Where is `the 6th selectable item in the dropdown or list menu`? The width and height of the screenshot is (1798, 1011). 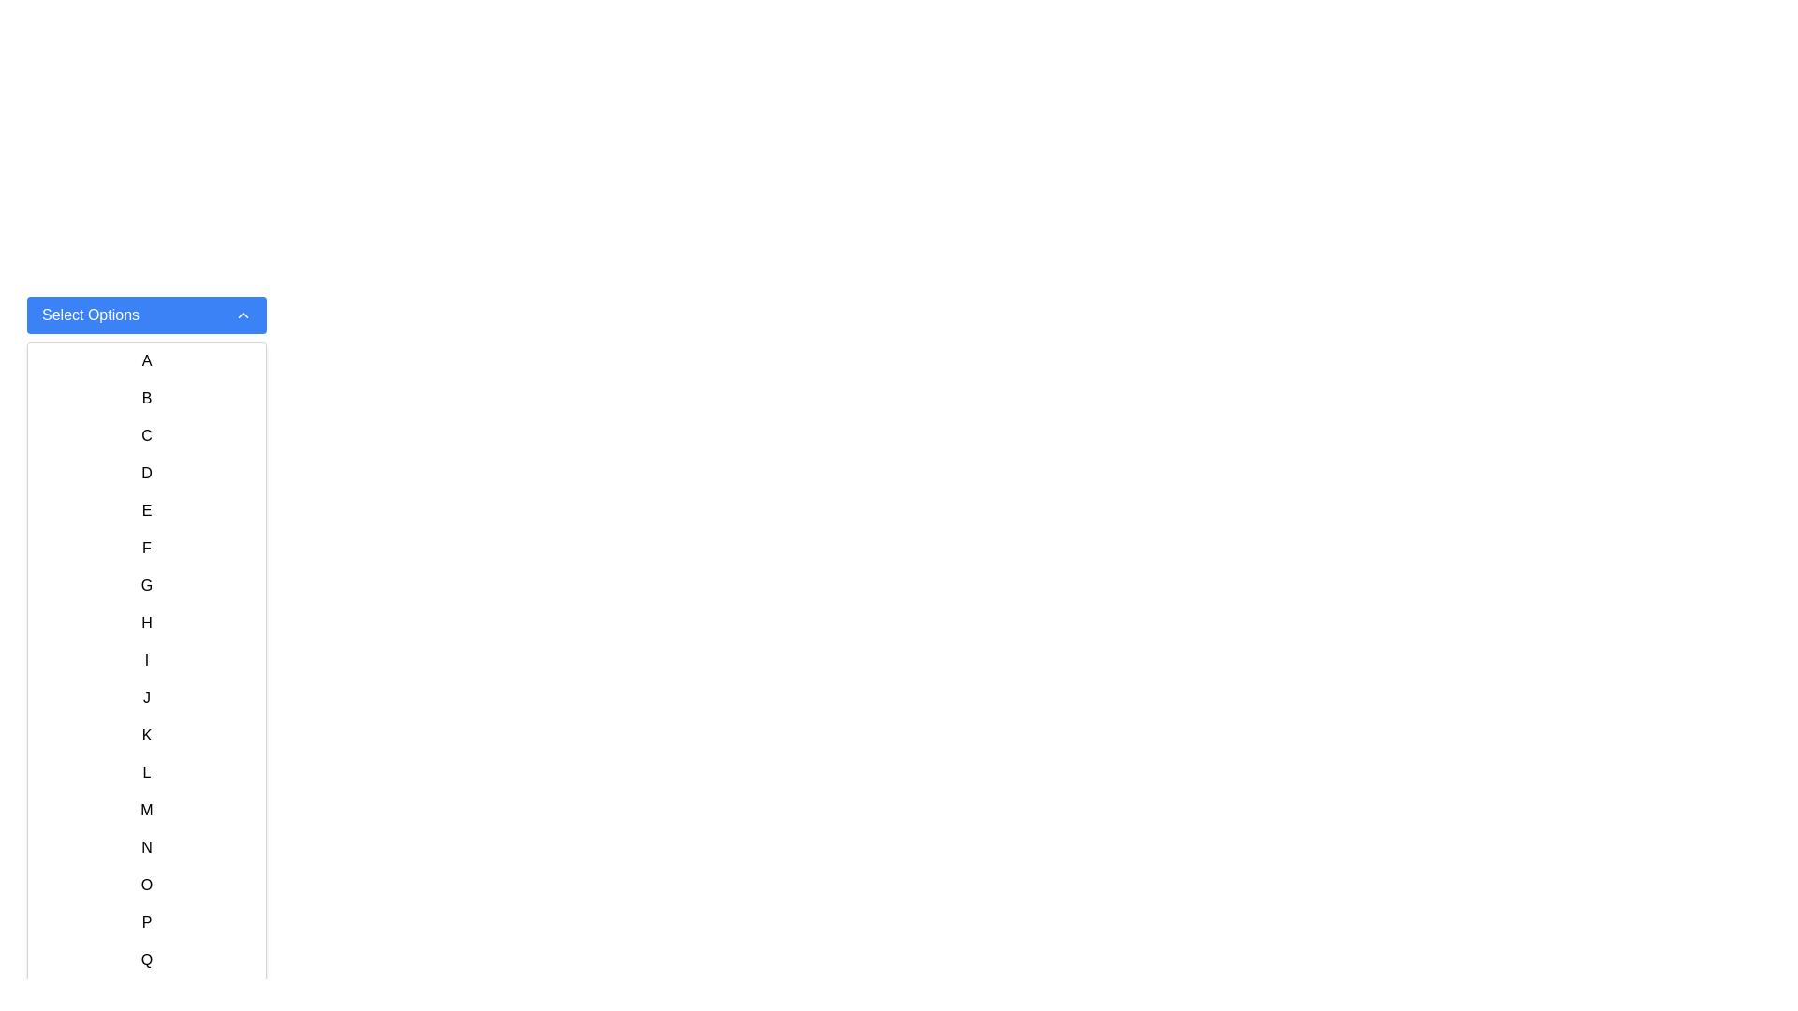
the 6th selectable item in the dropdown or list menu is located at coordinates (146, 548).